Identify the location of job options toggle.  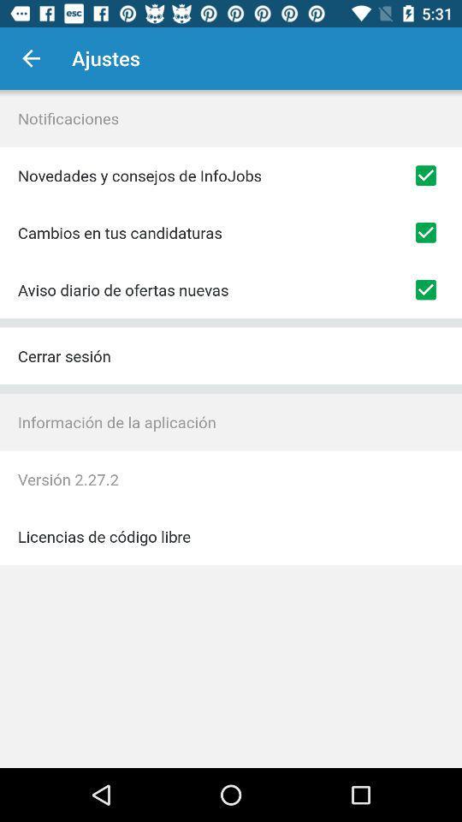
(424, 176).